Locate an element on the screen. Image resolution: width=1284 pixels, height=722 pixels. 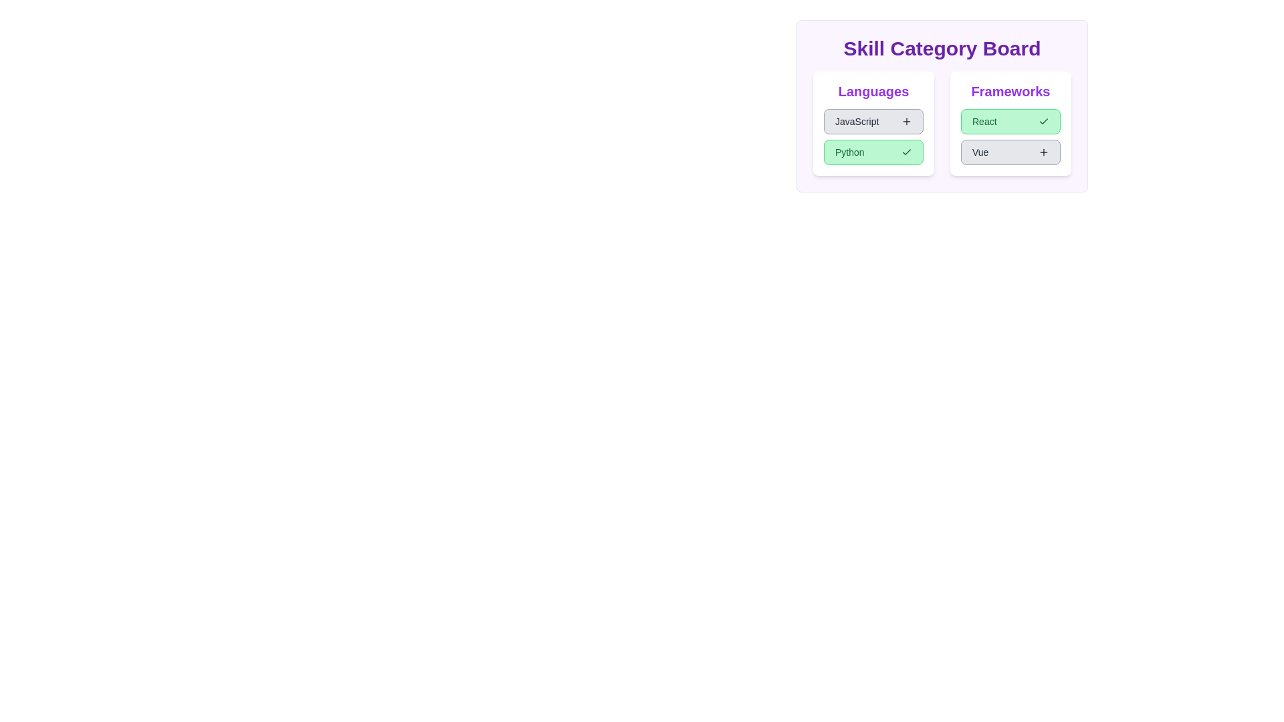
the category header Frameworks to focus on it is located at coordinates (1010, 91).